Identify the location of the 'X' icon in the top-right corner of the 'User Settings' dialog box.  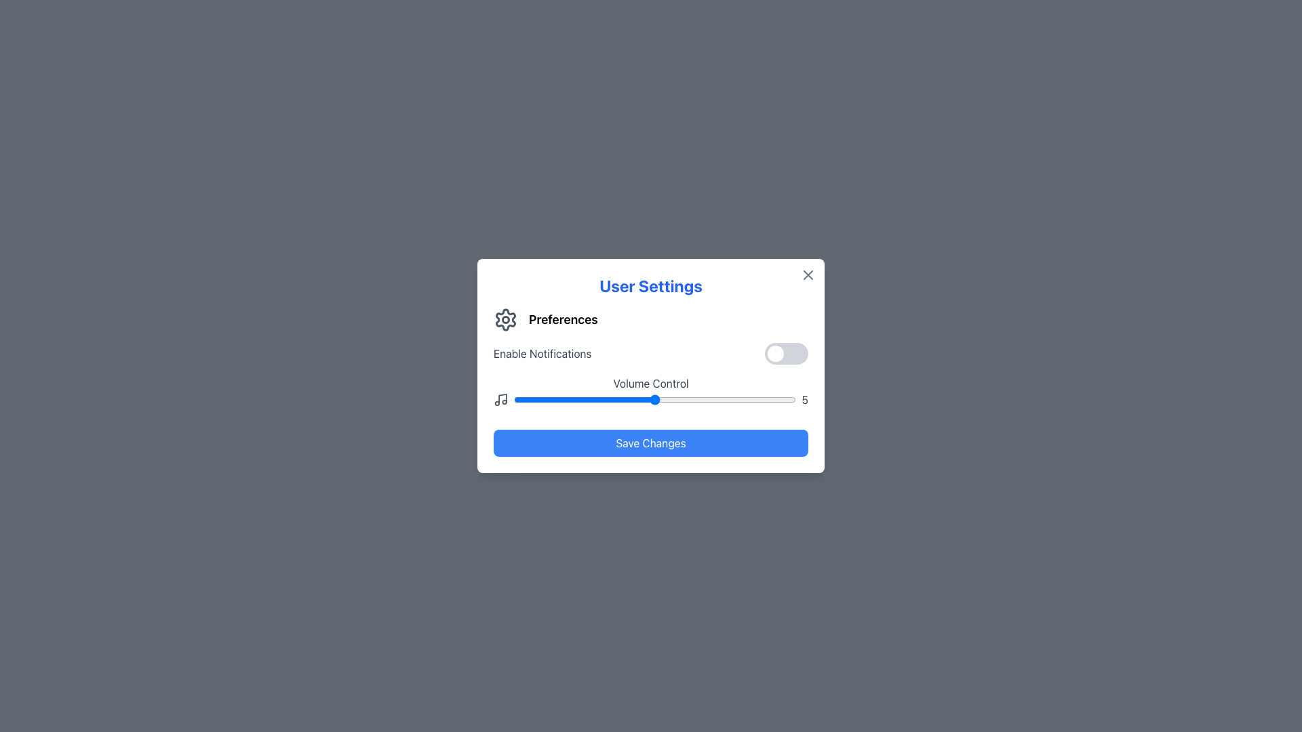
(808, 274).